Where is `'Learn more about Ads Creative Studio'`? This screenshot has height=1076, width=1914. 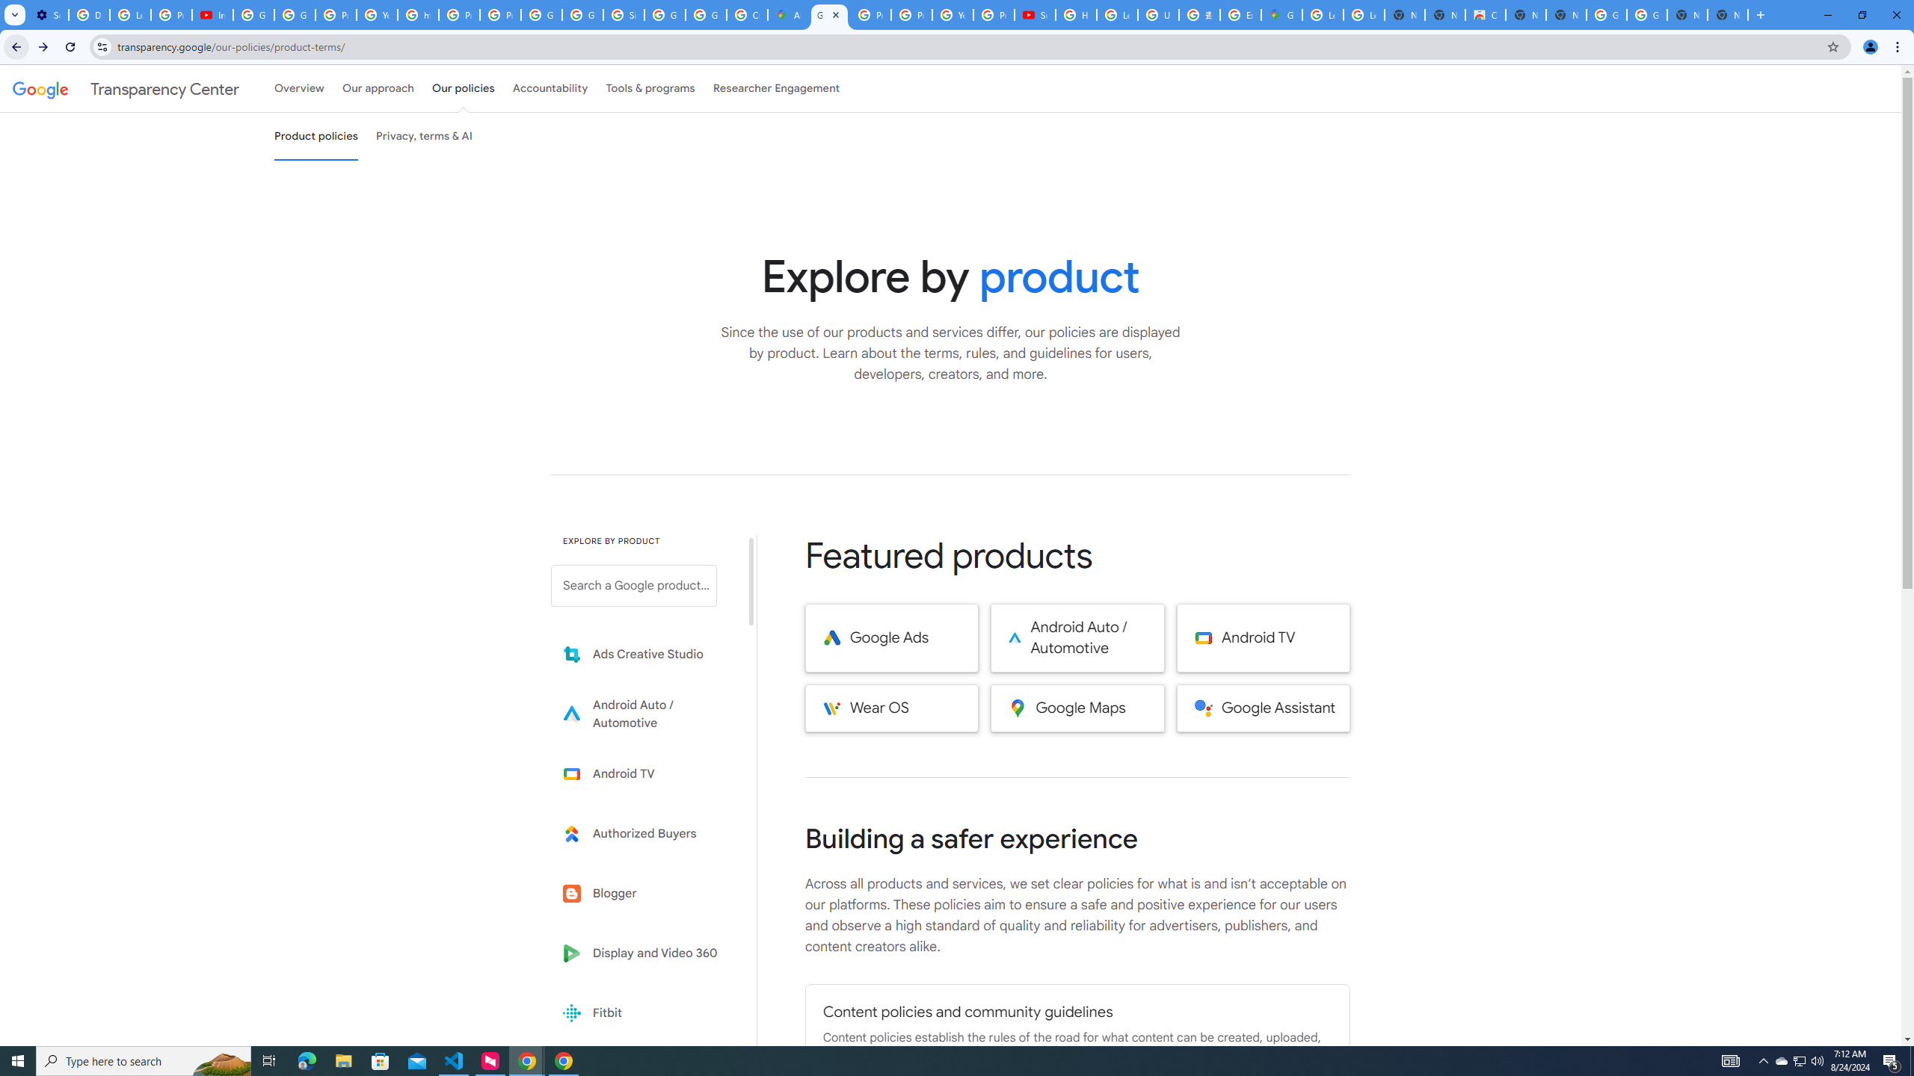 'Learn more about Ads Creative Studio' is located at coordinates (644, 655).